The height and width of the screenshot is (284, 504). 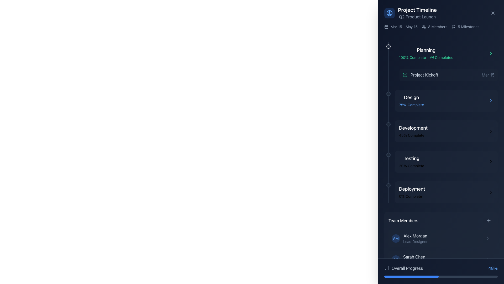 What do you see at coordinates (426, 58) in the screenshot?
I see `the completion status indicator for the 'Planning' milestone, which is located directly beneath the 'Planning' header and to the right of the main timeline vertical line` at bounding box center [426, 58].